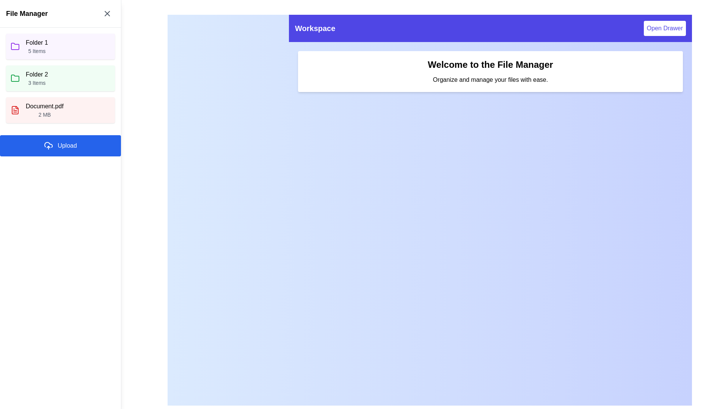 The width and height of the screenshot is (728, 409). I want to click on the File list item displaying 'Document.pdf', so click(44, 110).